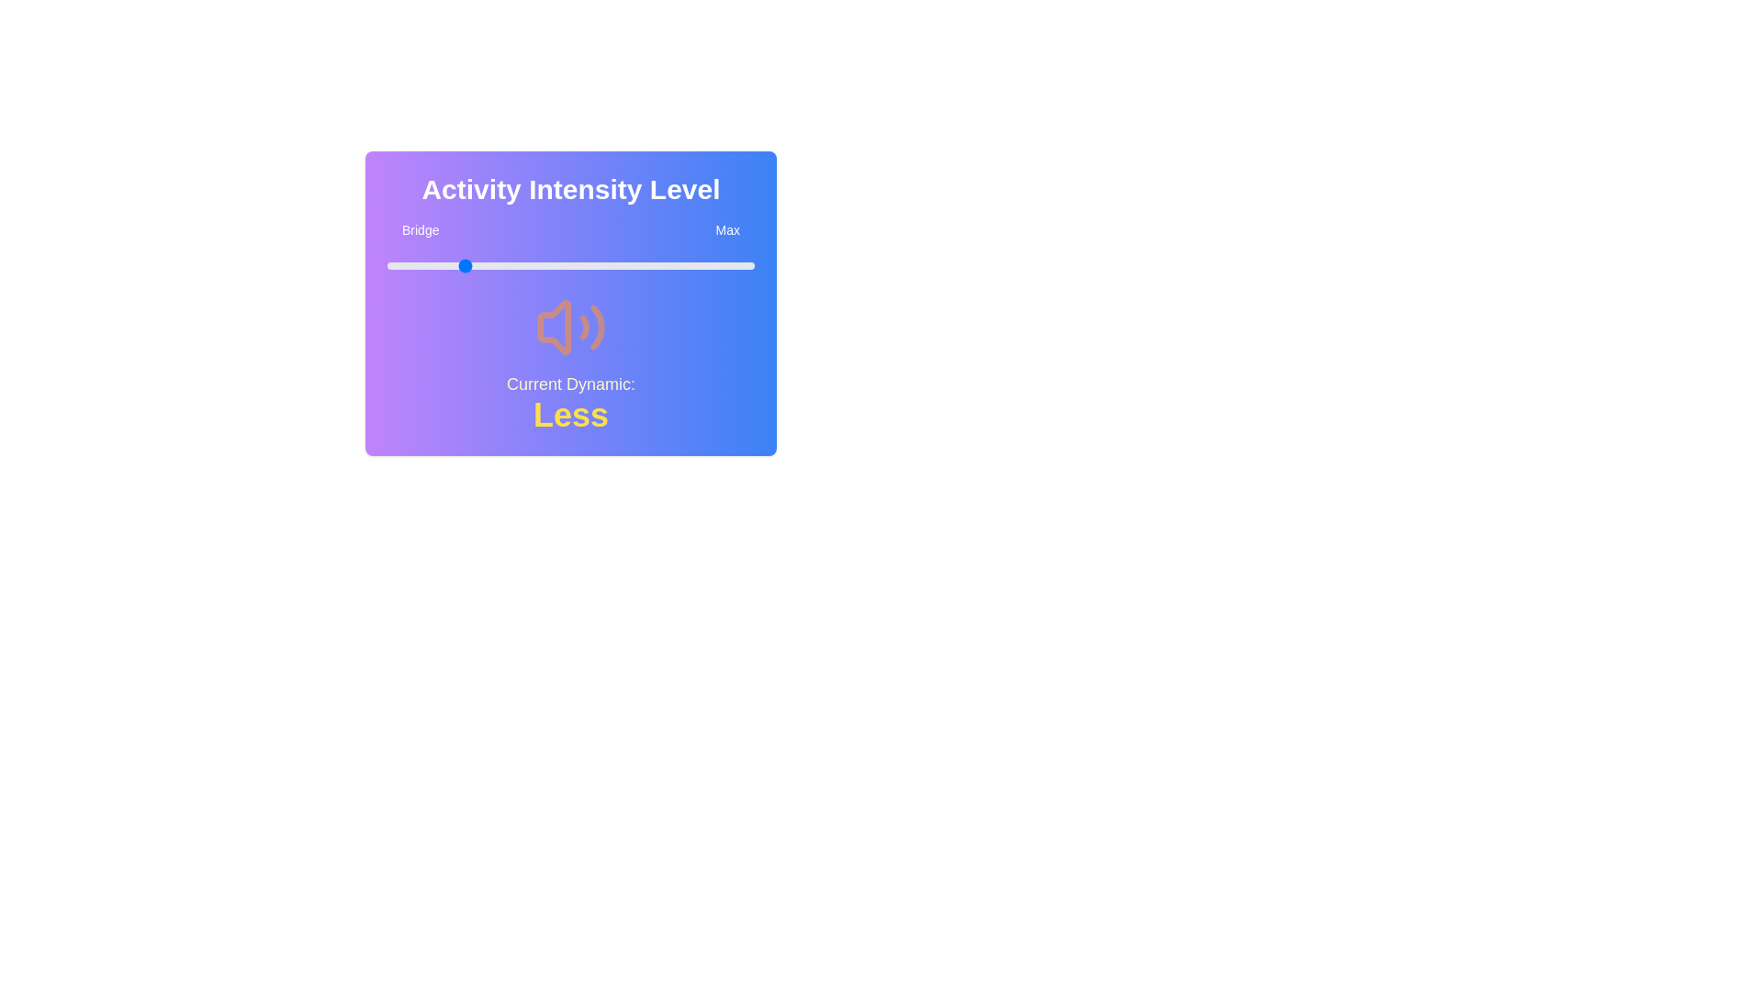 This screenshot has width=1763, height=991. Describe the element at coordinates (505, 265) in the screenshot. I see `the slider to set the value to 32` at that location.